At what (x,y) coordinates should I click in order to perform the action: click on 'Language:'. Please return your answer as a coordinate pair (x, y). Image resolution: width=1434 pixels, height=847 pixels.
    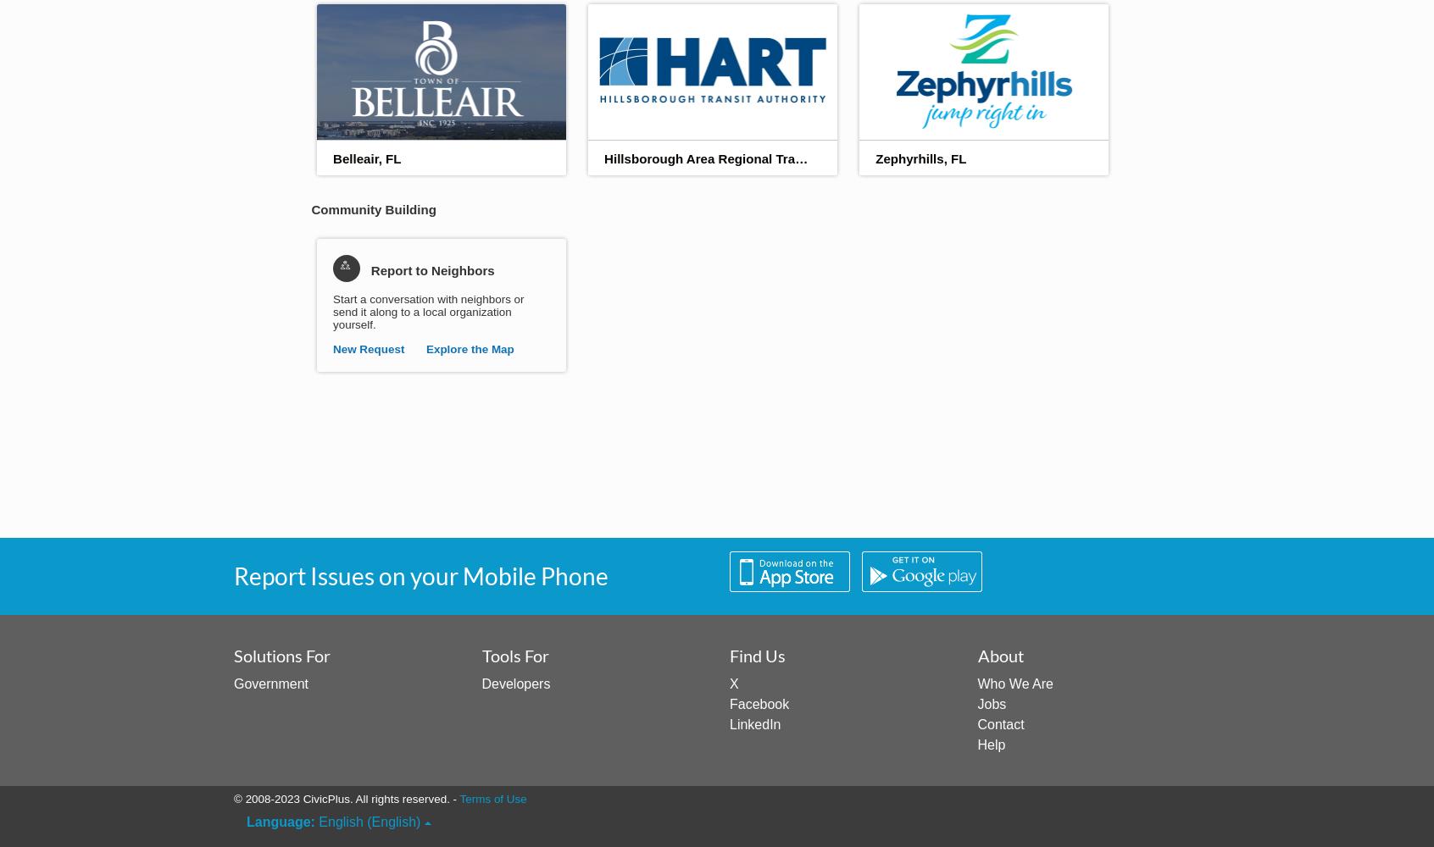
    Looking at the image, I should click on (246, 821).